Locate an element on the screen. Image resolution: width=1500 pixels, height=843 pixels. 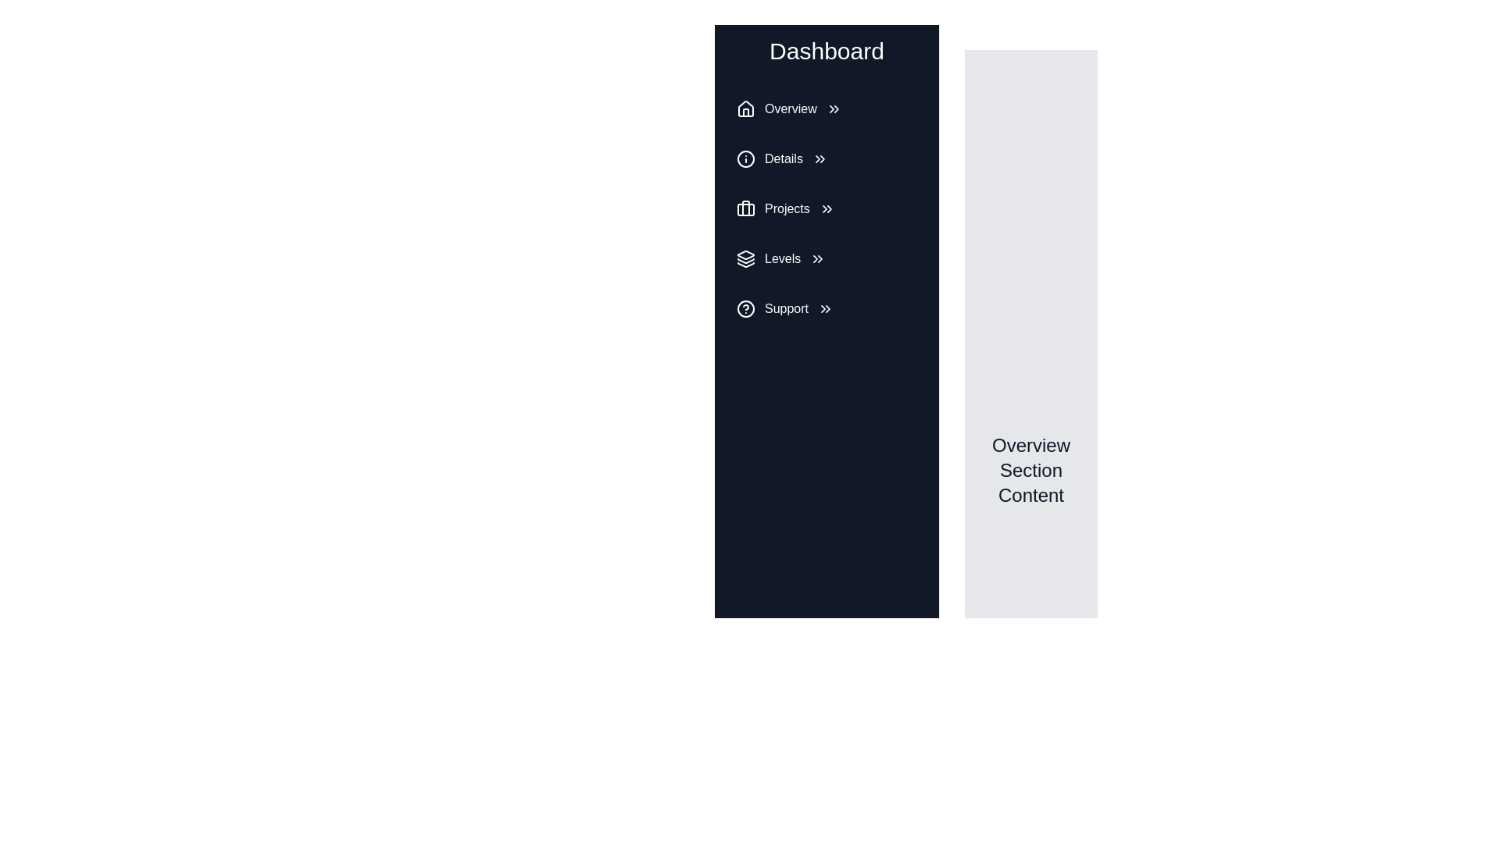
the Overview icon in the vertical navigation menu under the Dashboard title is located at coordinates (745, 107).